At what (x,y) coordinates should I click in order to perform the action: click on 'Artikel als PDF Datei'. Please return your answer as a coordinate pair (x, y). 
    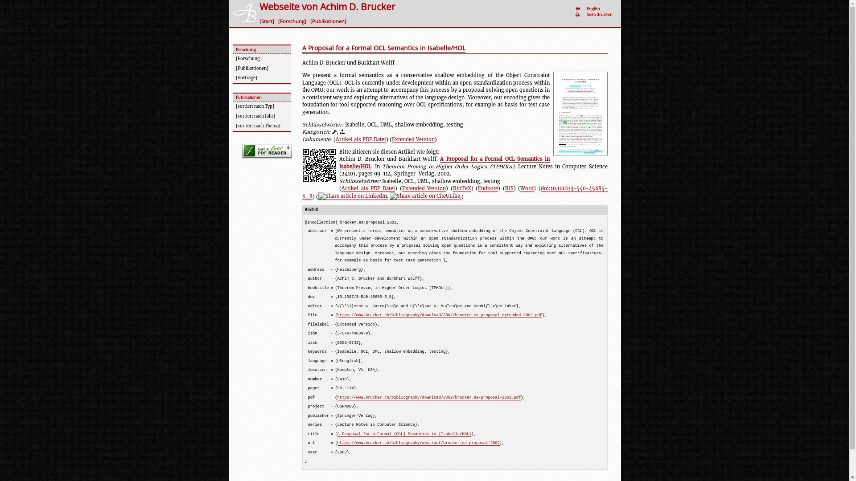
    Looking at the image, I should click on (368, 188).